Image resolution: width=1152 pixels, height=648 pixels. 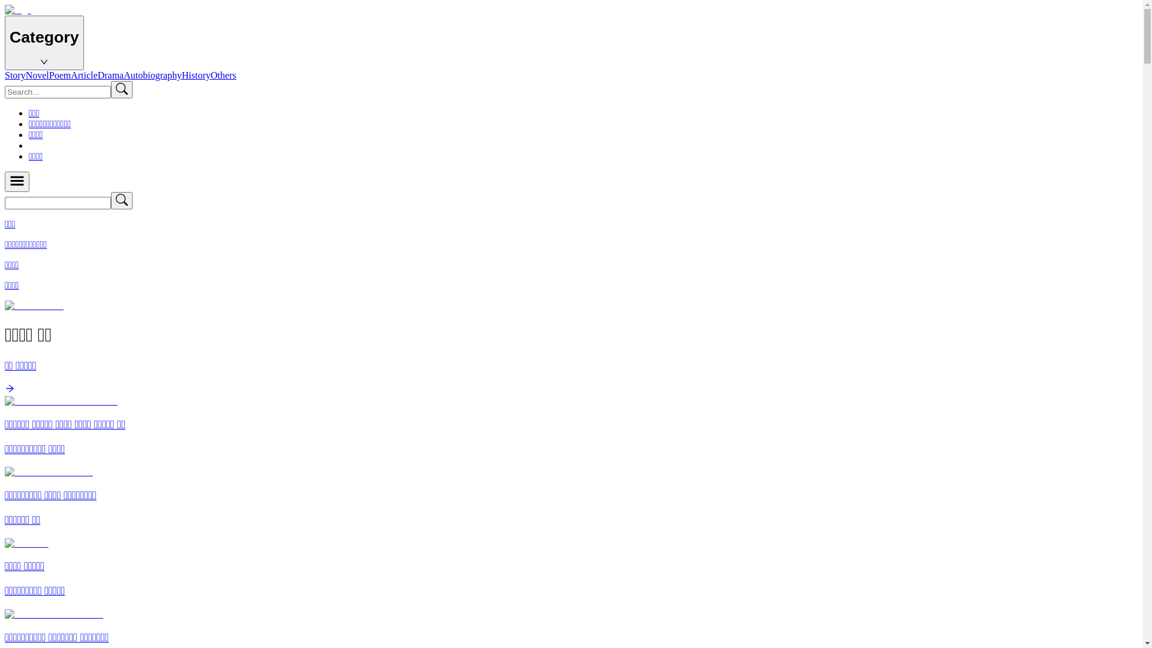 What do you see at coordinates (223, 75) in the screenshot?
I see `'Others'` at bounding box center [223, 75].